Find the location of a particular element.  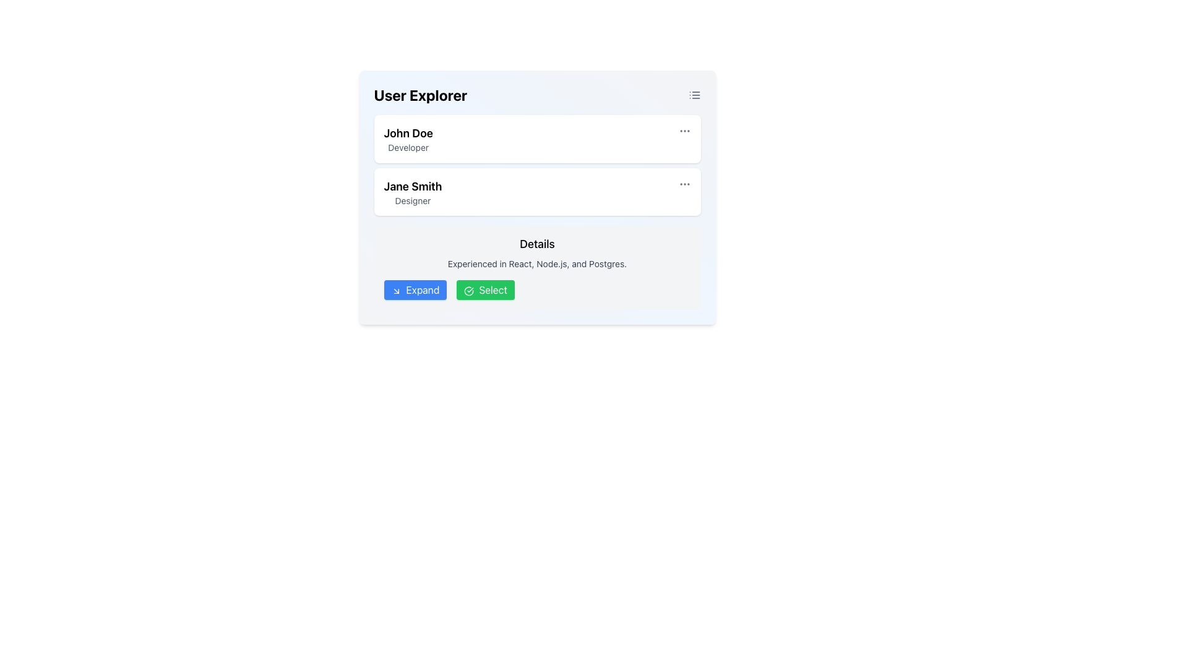

the User Profile Card located is located at coordinates (537, 192).